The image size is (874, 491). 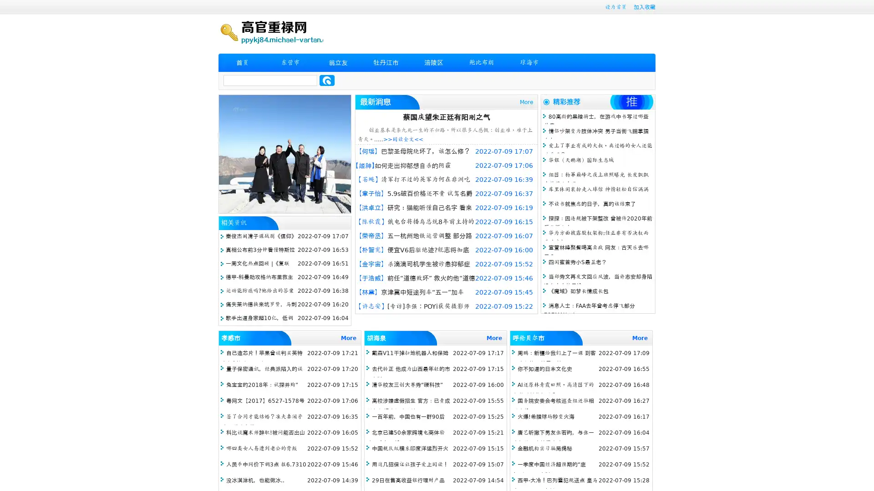 I want to click on Search, so click(x=327, y=80).